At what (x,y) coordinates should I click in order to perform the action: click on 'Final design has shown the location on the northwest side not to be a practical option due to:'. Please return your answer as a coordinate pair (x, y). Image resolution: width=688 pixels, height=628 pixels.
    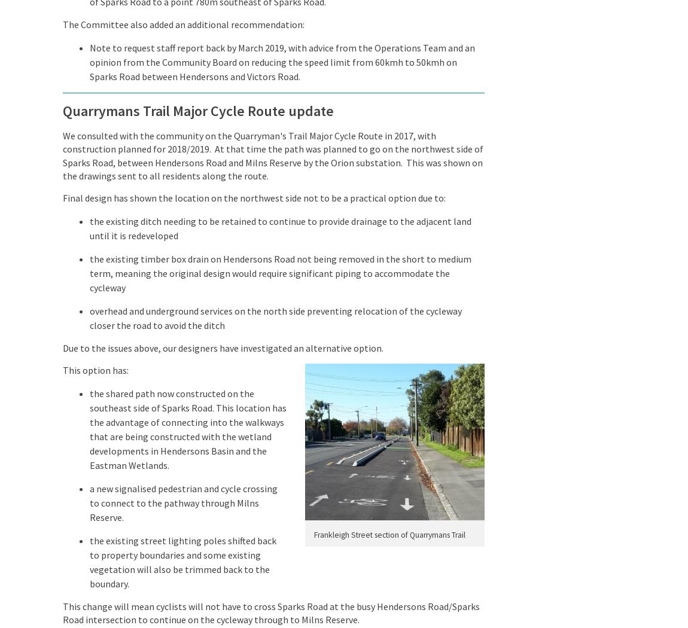
    Looking at the image, I should click on (254, 197).